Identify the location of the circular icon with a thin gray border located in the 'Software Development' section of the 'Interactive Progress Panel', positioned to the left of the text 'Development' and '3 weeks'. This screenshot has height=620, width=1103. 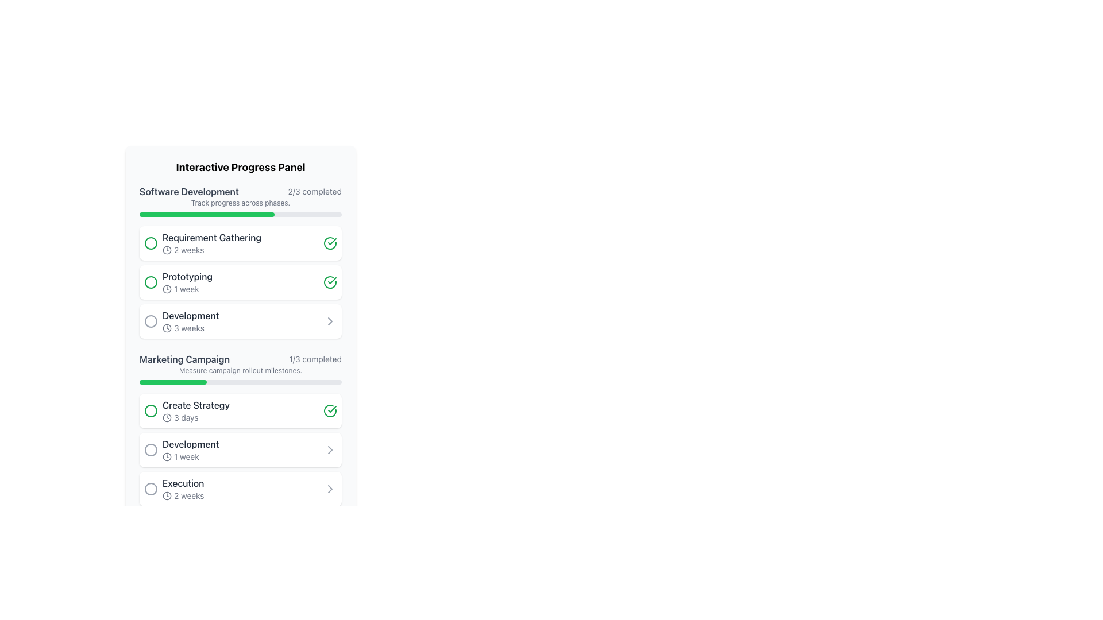
(151, 321).